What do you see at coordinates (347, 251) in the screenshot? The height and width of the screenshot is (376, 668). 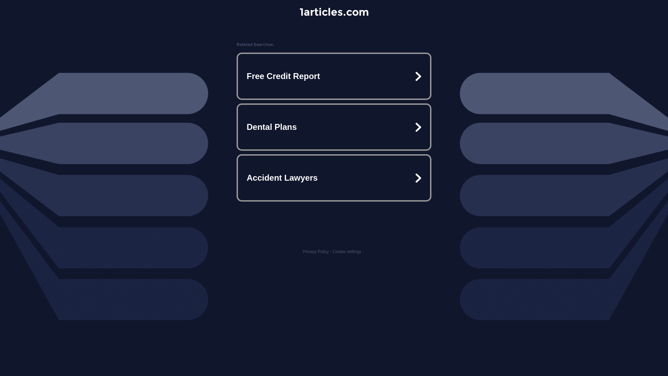 I see `'Cookie settings'` at bounding box center [347, 251].